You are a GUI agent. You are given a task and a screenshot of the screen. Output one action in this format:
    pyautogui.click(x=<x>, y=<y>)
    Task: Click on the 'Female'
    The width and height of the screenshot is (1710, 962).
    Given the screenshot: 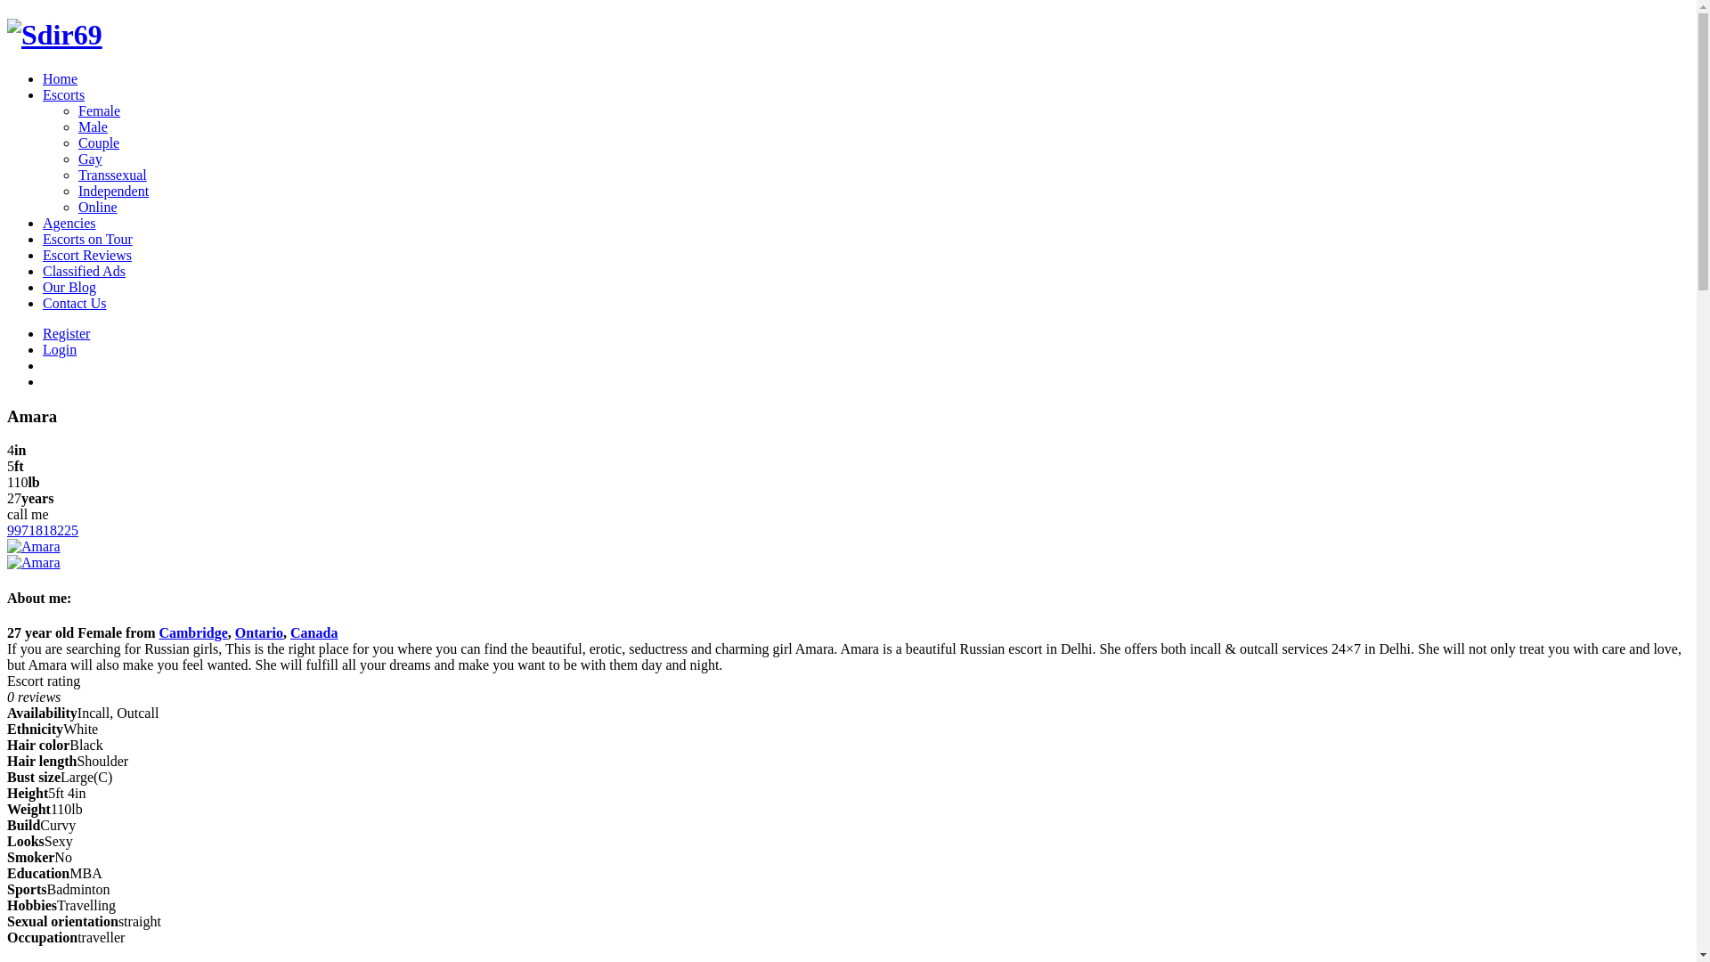 What is the action you would take?
    pyautogui.click(x=98, y=110)
    